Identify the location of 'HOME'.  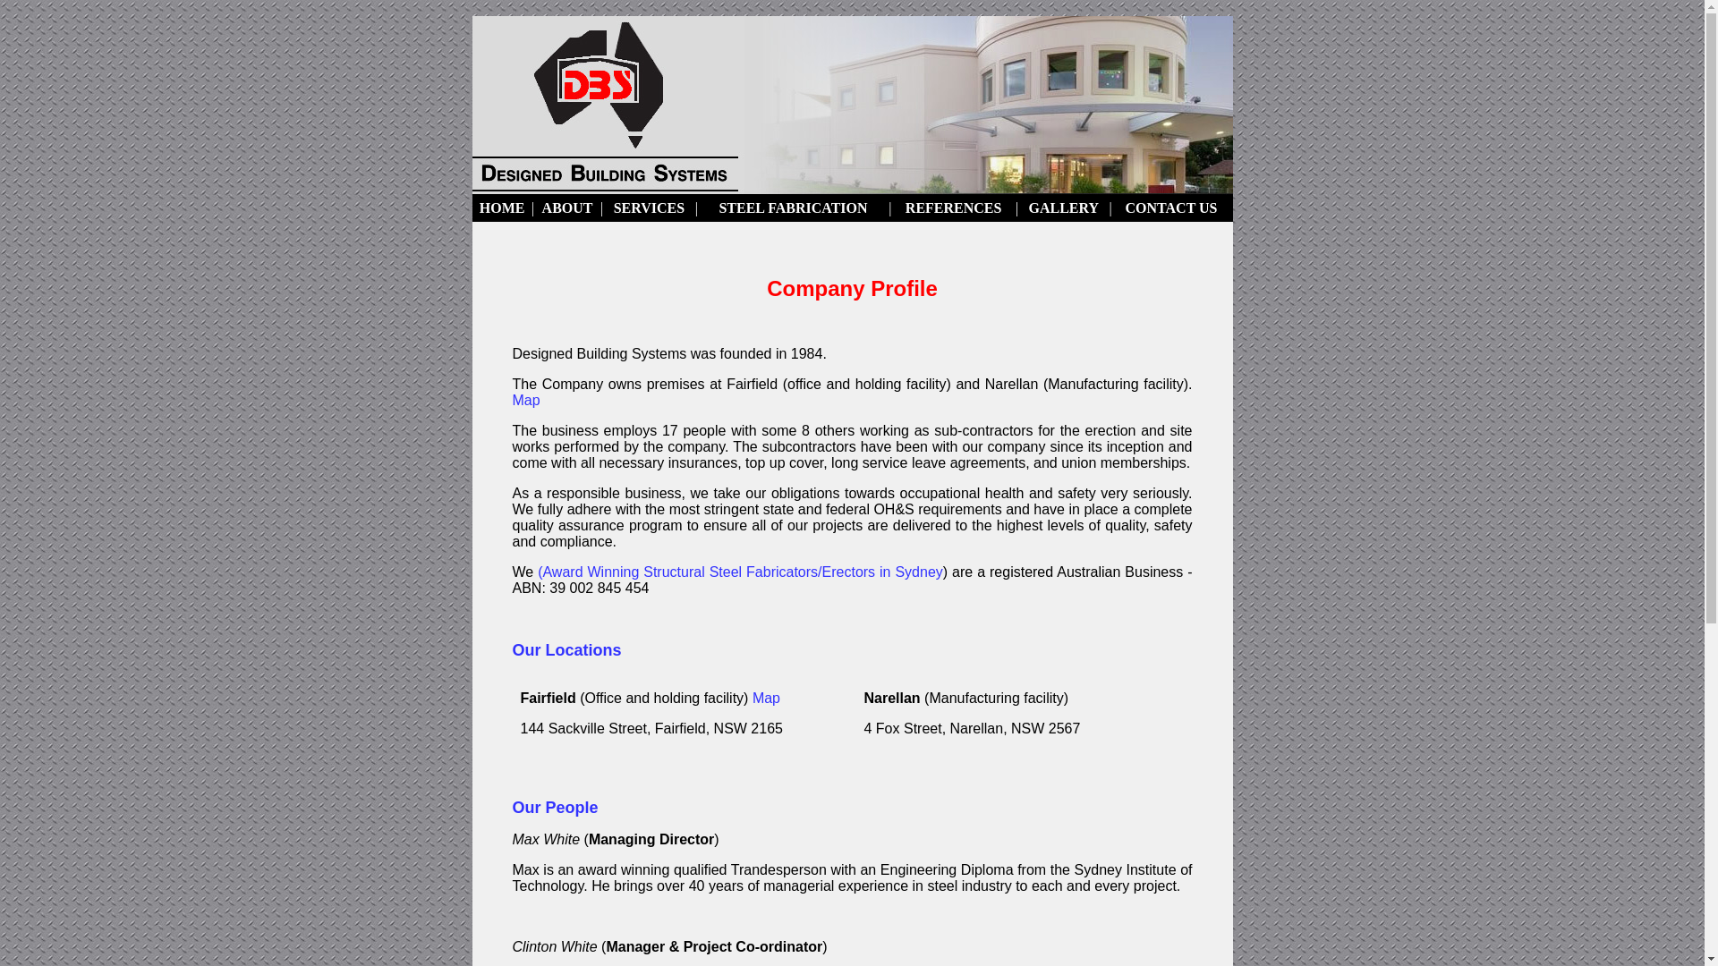
(501, 207).